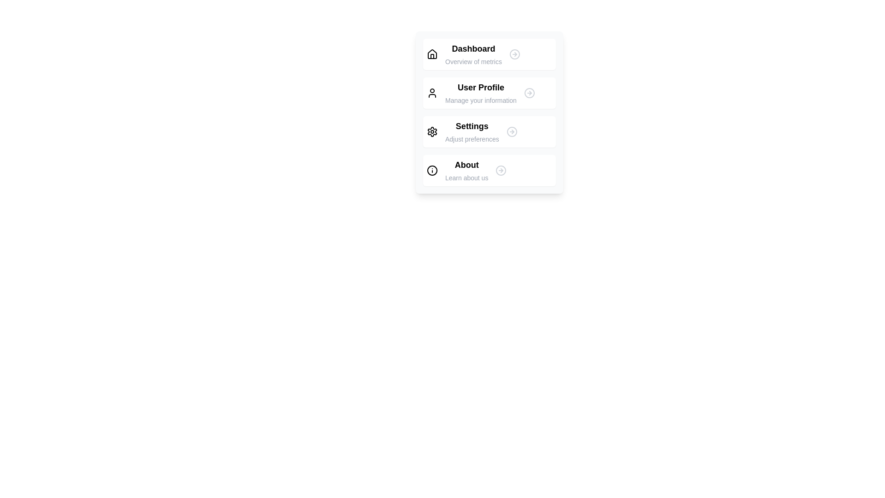 Image resolution: width=885 pixels, height=498 pixels. Describe the element at coordinates (511, 131) in the screenshot. I see `the navigation icon next to the 'Settings' label in the vertical menu` at that location.